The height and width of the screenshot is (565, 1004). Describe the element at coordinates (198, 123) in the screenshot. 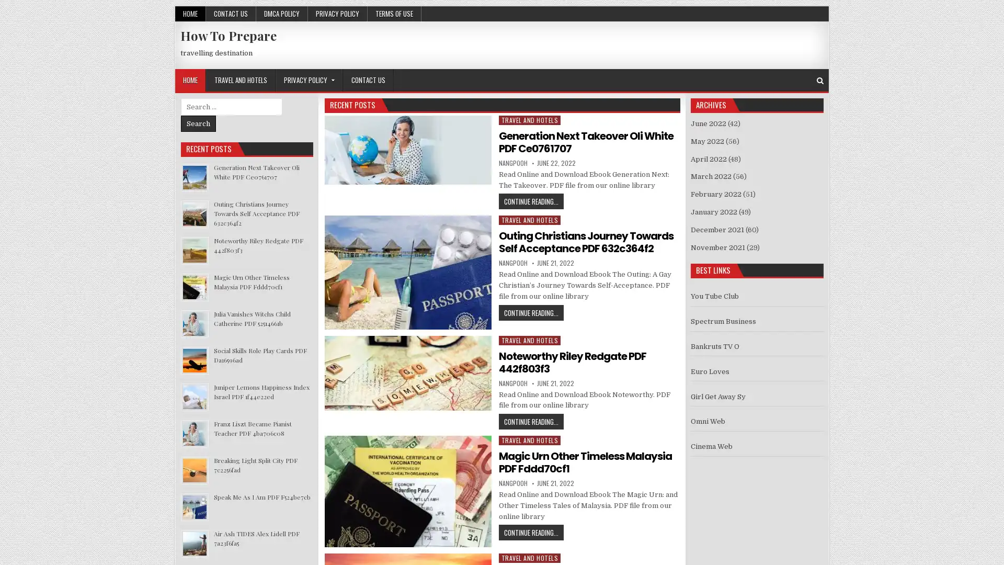

I see `Search` at that location.